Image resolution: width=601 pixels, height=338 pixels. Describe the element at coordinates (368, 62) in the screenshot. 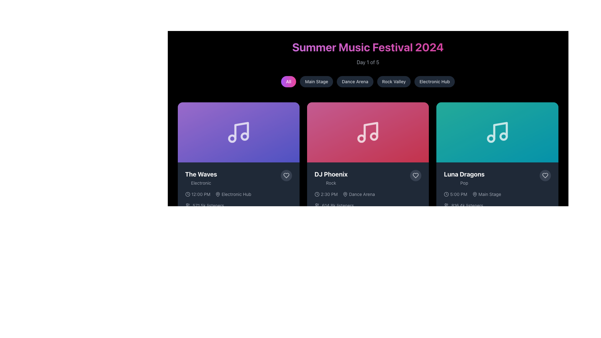

I see `the static text snippet reading 'Day 1 of 5', which is styled in gray and positioned centrally within the header area of the web interface, located below the main title 'Summer Music Festival 2024'` at that location.